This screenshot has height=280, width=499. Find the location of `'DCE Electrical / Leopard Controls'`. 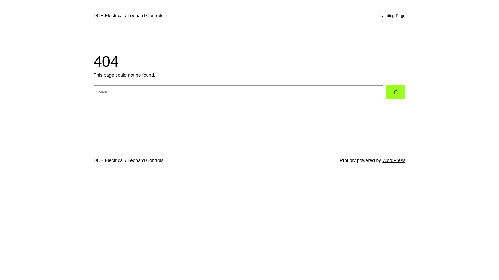

'DCE Electrical / Leopard Controls' is located at coordinates (128, 160).